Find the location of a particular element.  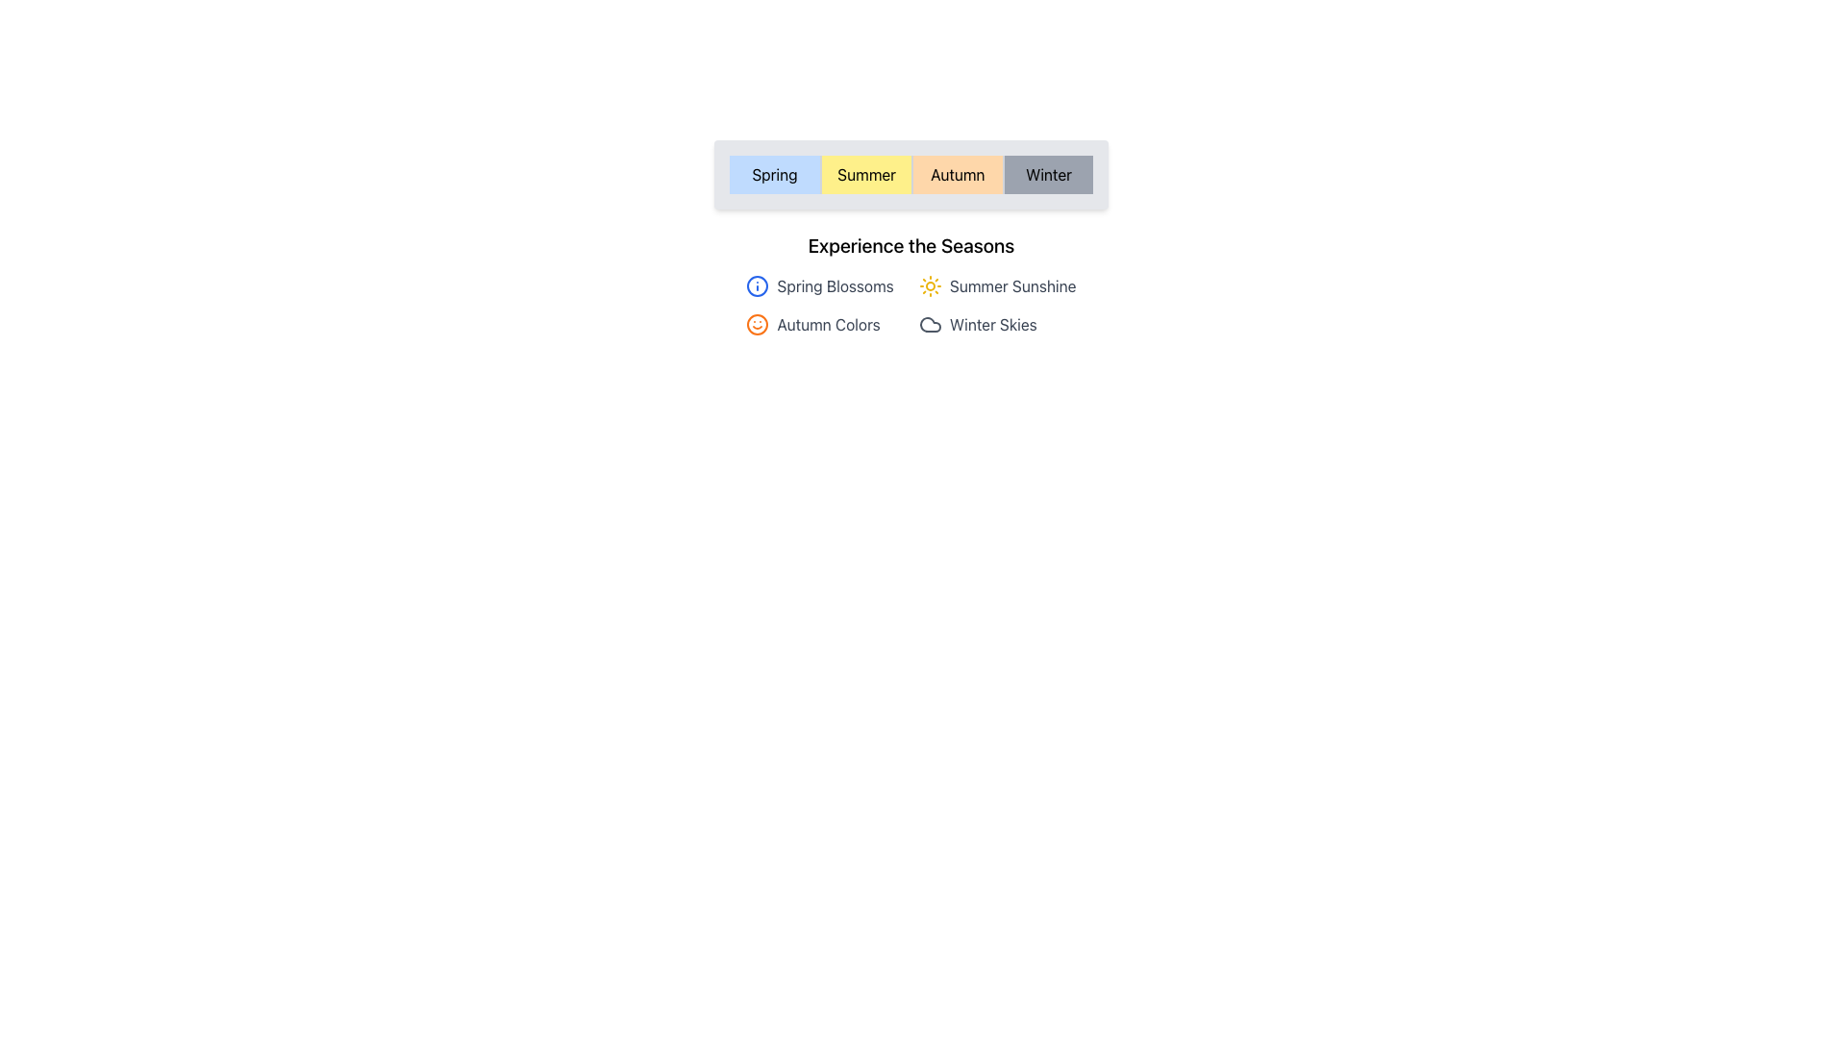

the seasonal header element that provides information about Spring, Summer, Autumn, and Winter is located at coordinates (911, 284).